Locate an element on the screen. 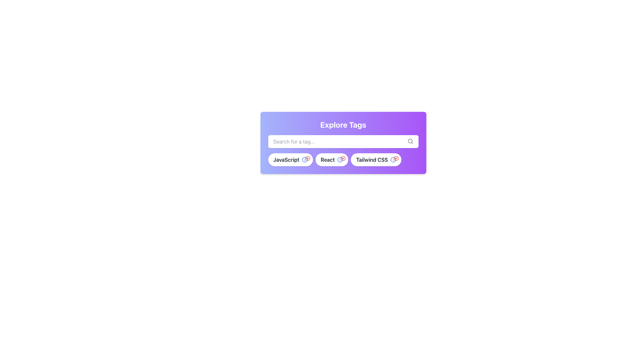  the 'Tailwind CSS' tag button, which is the third pill-shaped button in a group is located at coordinates (376, 160).